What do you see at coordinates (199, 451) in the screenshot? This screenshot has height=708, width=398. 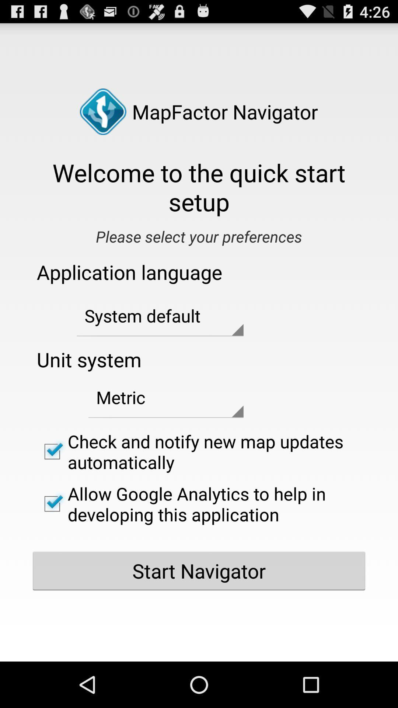 I see `app below metric app` at bounding box center [199, 451].